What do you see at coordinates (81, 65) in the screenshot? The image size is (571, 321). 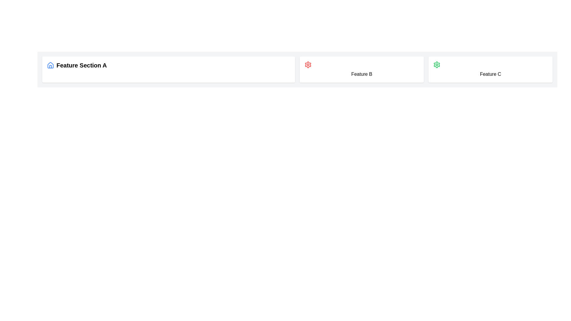 I see `the Text Label that serves as the title for 'Feature Section A', positioned immediately to the right of the blue home icon in a horizontal layout` at bounding box center [81, 65].